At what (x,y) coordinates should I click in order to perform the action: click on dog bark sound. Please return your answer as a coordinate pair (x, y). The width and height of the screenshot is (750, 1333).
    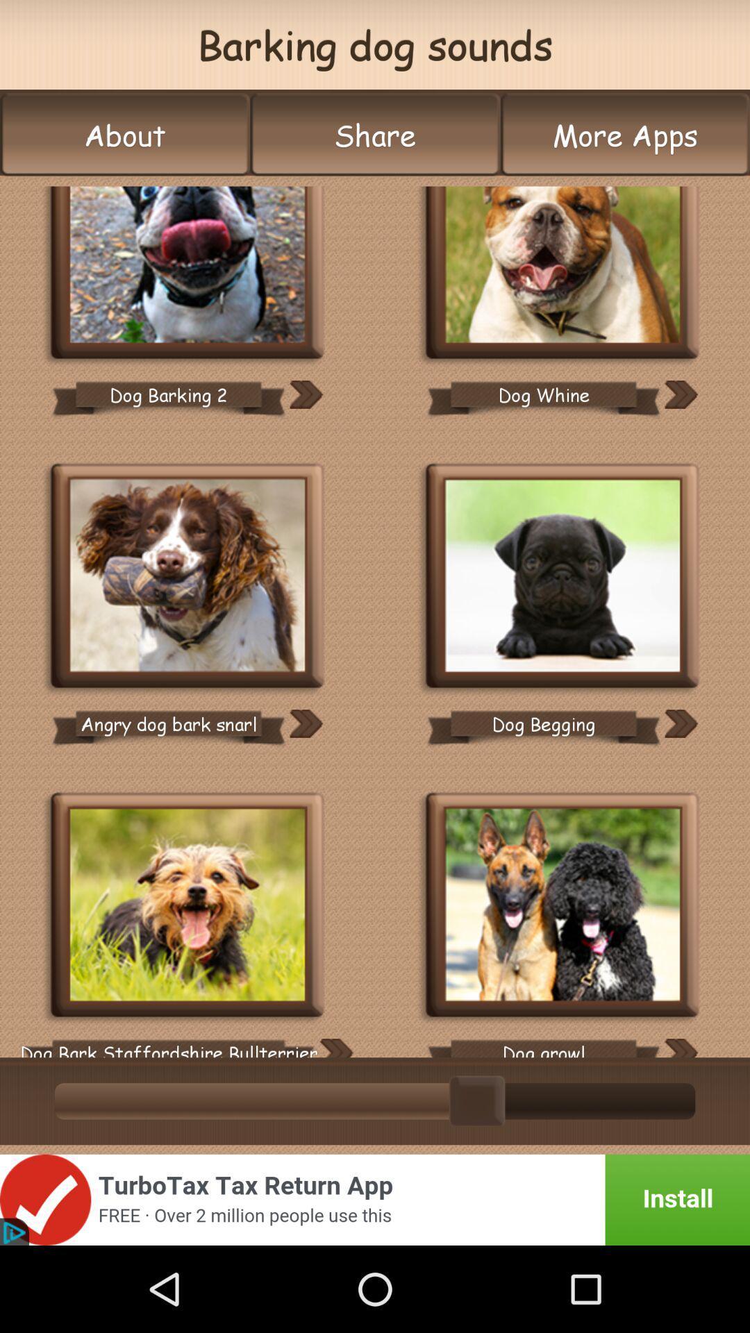
    Looking at the image, I should click on (187, 578).